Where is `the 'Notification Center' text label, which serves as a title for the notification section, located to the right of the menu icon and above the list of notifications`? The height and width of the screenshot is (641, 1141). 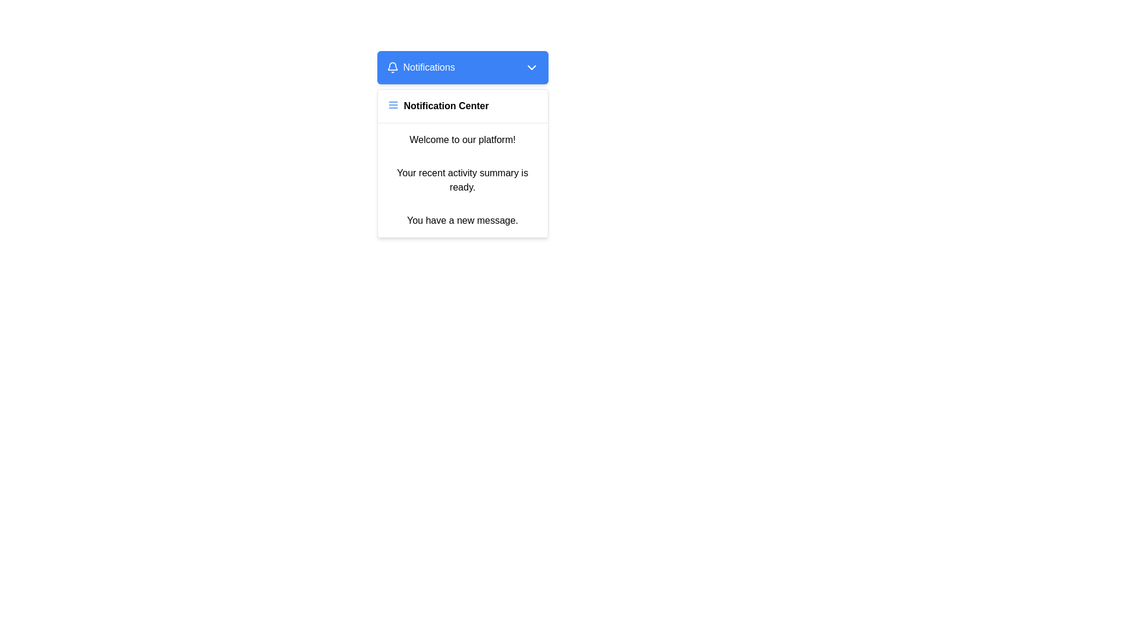
the 'Notification Center' text label, which serves as a title for the notification section, located to the right of the menu icon and above the list of notifications is located at coordinates (446, 105).